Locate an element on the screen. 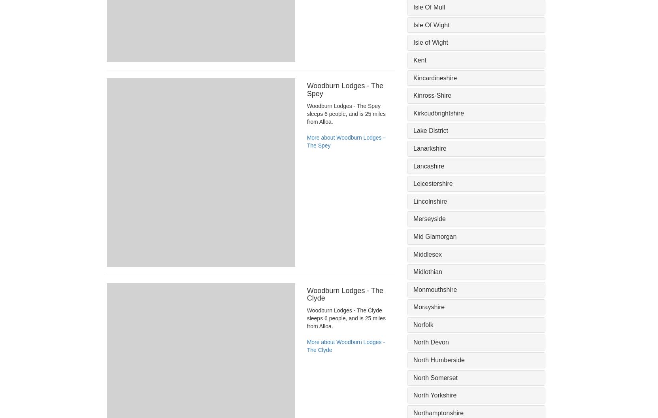  'North Devon' is located at coordinates (431, 342).